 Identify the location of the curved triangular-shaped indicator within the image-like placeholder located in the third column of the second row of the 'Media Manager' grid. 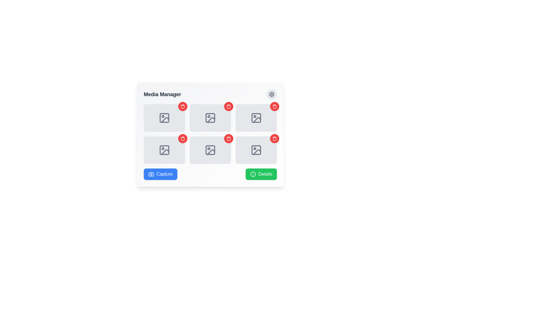
(257, 119).